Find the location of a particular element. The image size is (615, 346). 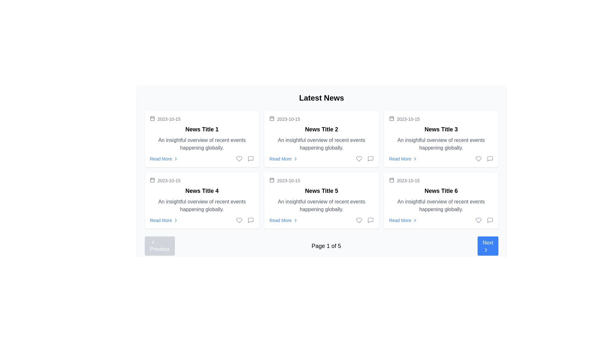

the heart-shaped icon located at the bottom-right corner of the card titled 'News Title 5' is located at coordinates (239, 220).